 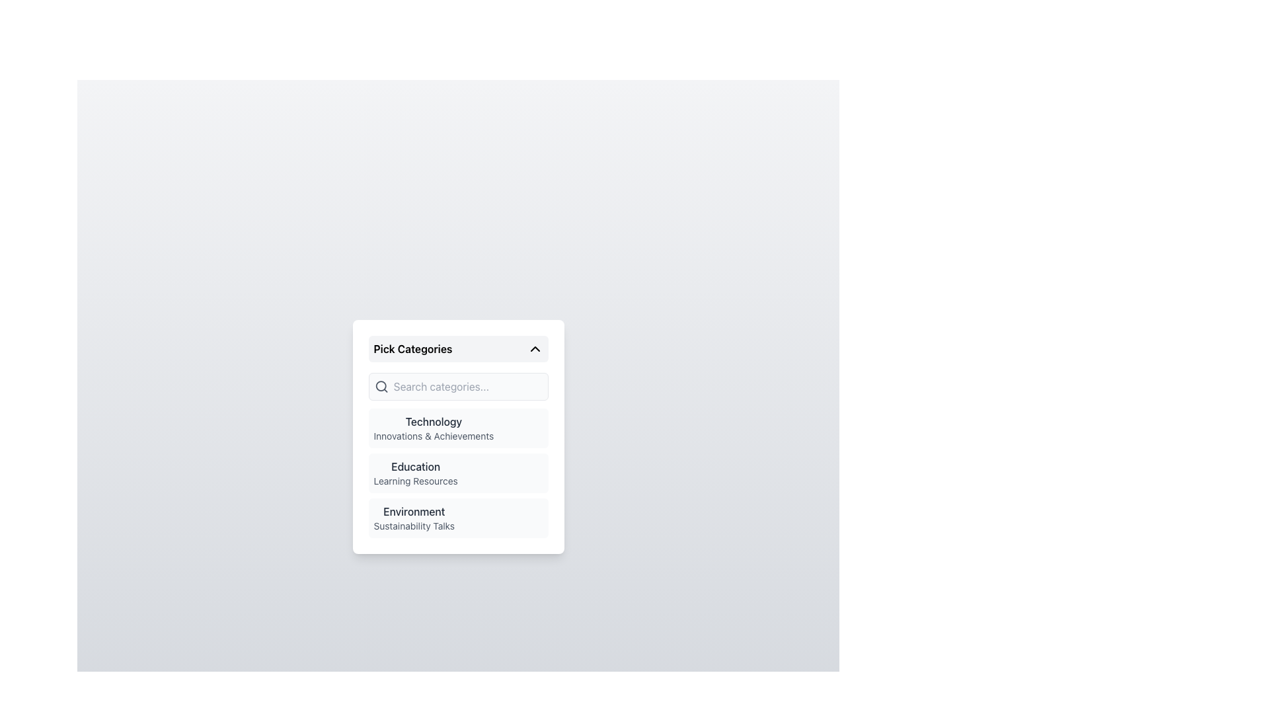 I want to click on the selectable list item for 'Environment' under the 'Pick Categories' section, so click(x=458, y=517).